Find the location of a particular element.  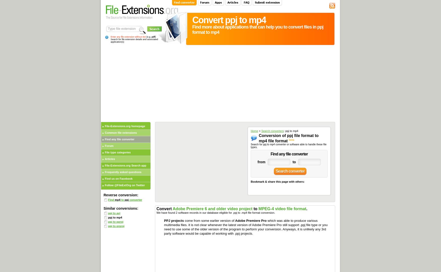

'Conversion of ppj file format to mp4 file format' is located at coordinates (288, 138).